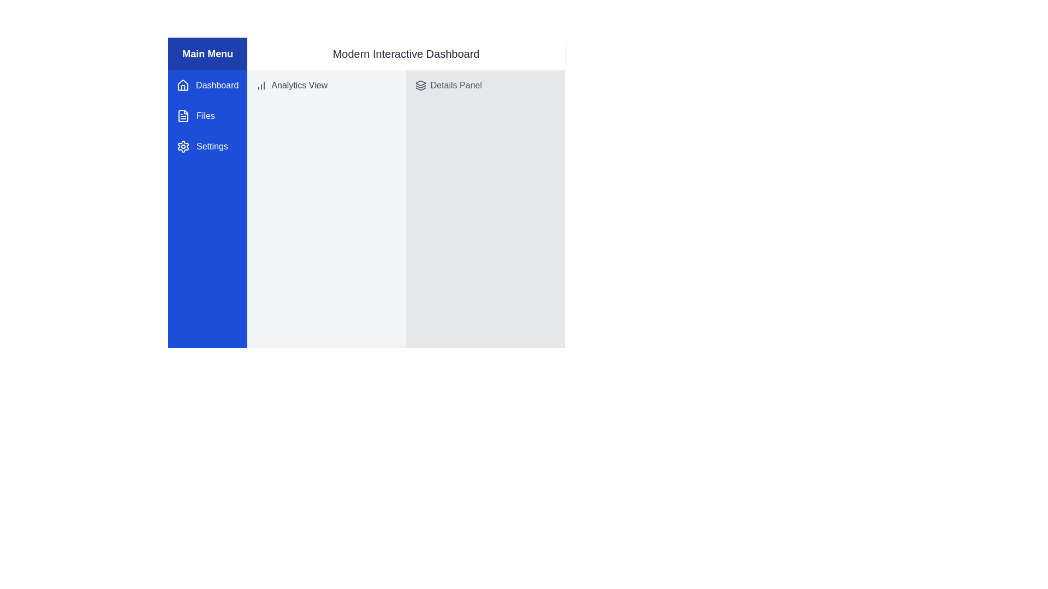 The height and width of the screenshot is (589, 1048). Describe the element at coordinates (207, 116) in the screenshot. I see `the 'Files' navigational menu button, which is located` at that location.